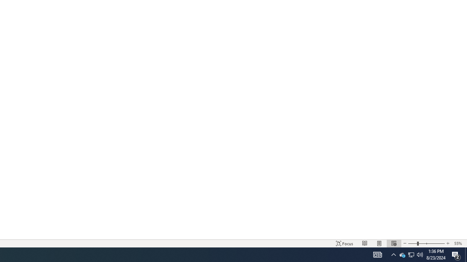 This screenshot has height=262, width=467. I want to click on 'Web Layout', so click(393, 243).